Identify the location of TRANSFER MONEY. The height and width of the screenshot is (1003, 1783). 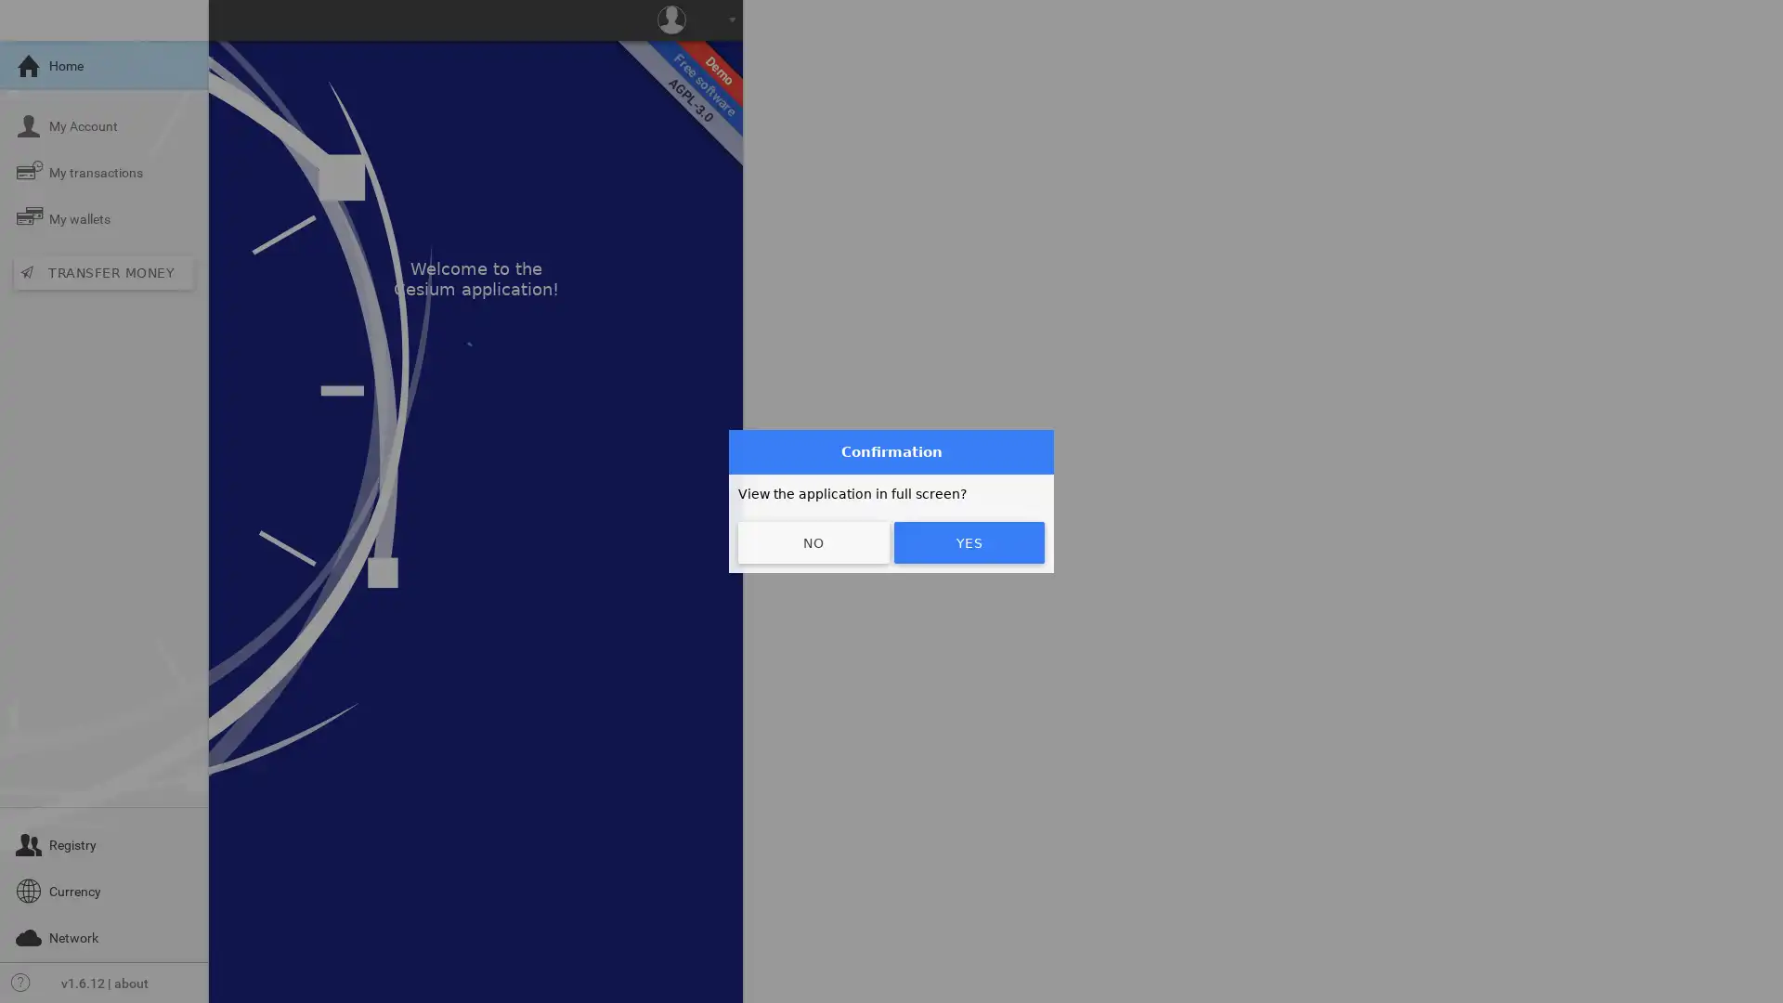
(102, 272).